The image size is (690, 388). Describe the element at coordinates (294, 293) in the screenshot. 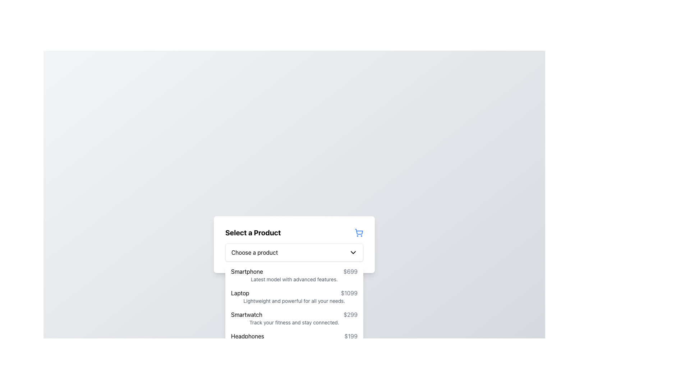

I see `the contents of the Text Display that shows the name and price of the 'Laptop' product, located within the dropdown menu between 'Smartphone' and 'Smartwatch'` at that location.